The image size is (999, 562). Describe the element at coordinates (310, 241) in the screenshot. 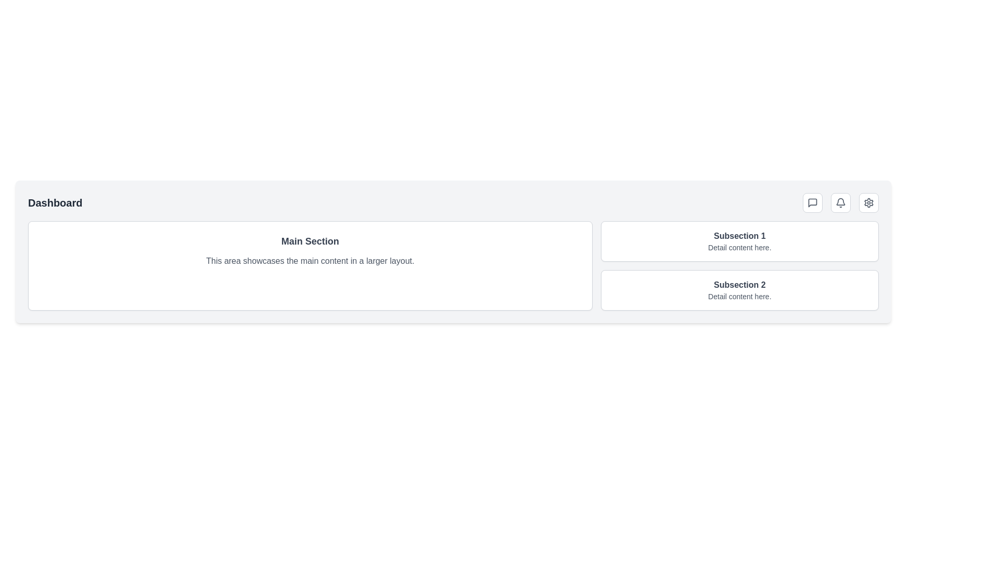

I see `text from the header of the section title located at the top-left area of the white rounded rectangle box with a subtle shadow effect` at that location.